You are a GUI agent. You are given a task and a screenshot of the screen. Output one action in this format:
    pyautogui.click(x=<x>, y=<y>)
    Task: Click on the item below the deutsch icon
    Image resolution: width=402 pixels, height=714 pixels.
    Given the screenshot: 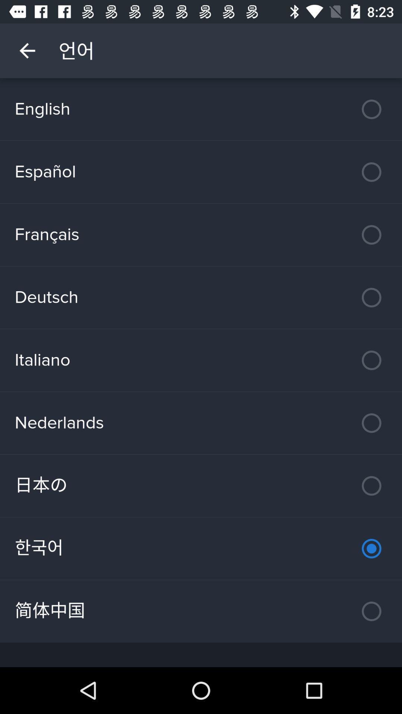 What is the action you would take?
    pyautogui.click(x=201, y=360)
    